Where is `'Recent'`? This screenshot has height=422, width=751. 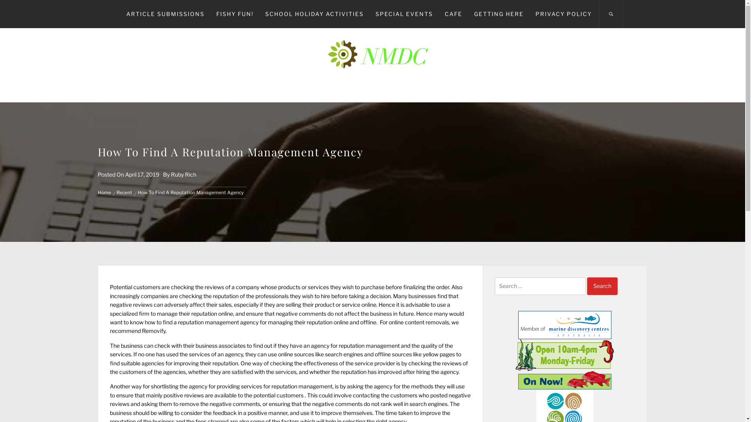
'Recent' is located at coordinates (124, 193).